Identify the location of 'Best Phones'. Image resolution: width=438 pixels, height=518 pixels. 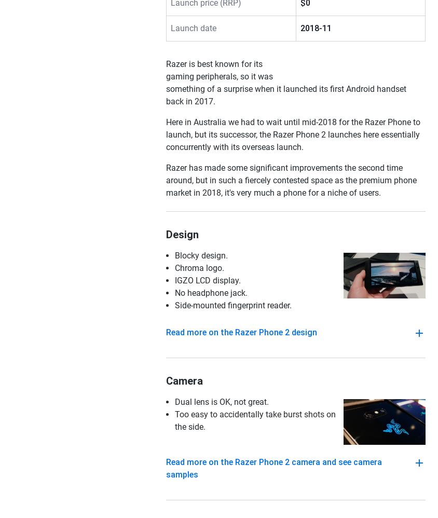
(29, 53).